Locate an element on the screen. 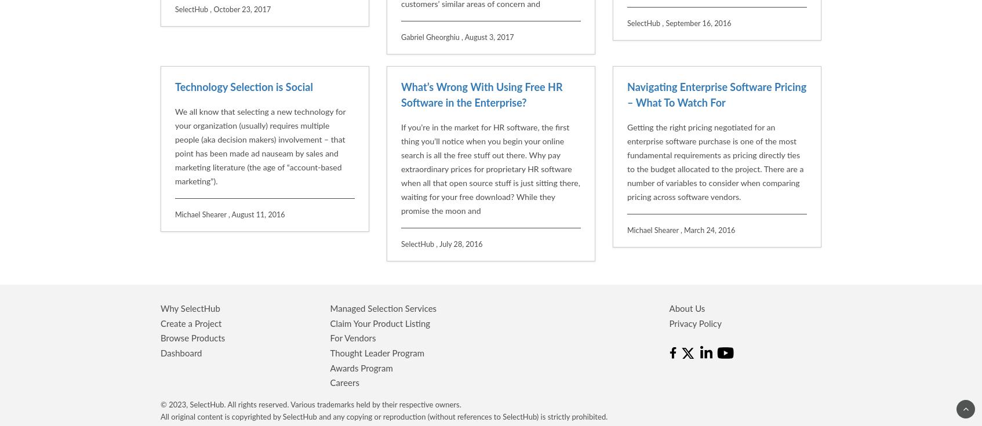 This screenshot has width=982, height=426. 'Create a Project' is located at coordinates (191, 205).